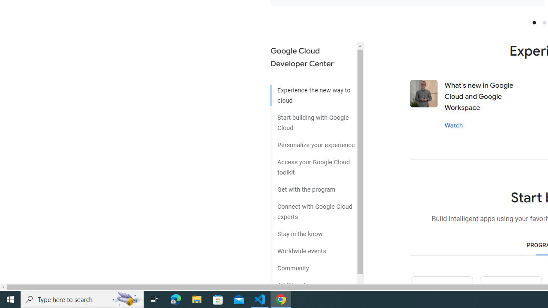  What do you see at coordinates (313, 264) in the screenshot?
I see `'Community'` at bounding box center [313, 264].